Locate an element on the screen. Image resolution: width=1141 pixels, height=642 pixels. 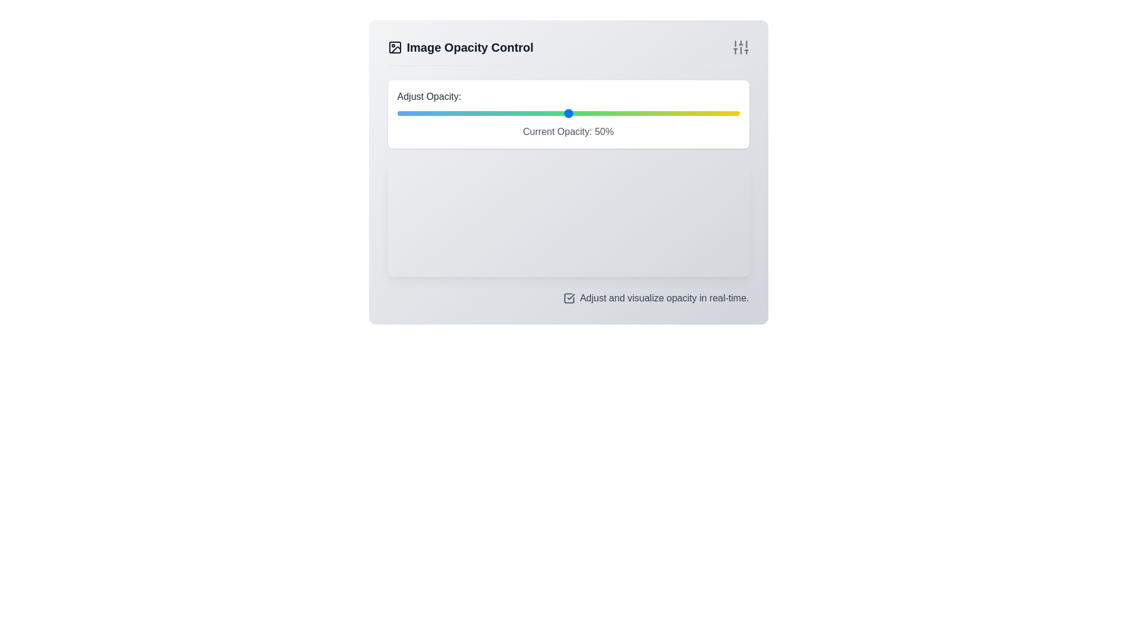
the checkbox located to the left of the label 'Adjust and visualize opacity in real-time.' is located at coordinates (568, 297).